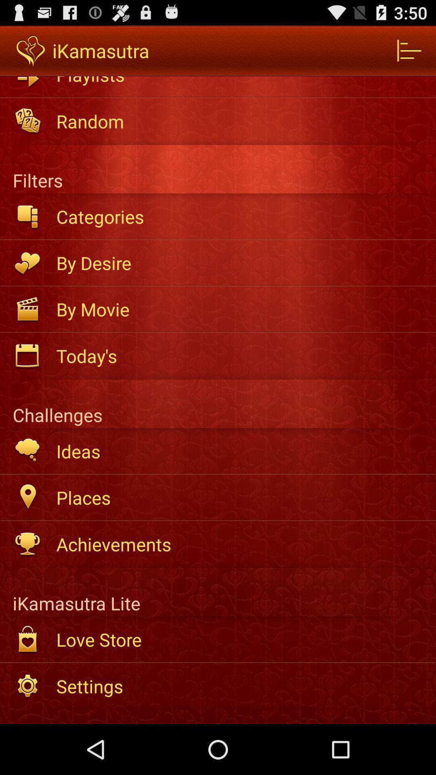 The height and width of the screenshot is (775, 436). What do you see at coordinates (240, 121) in the screenshot?
I see `the random app` at bounding box center [240, 121].